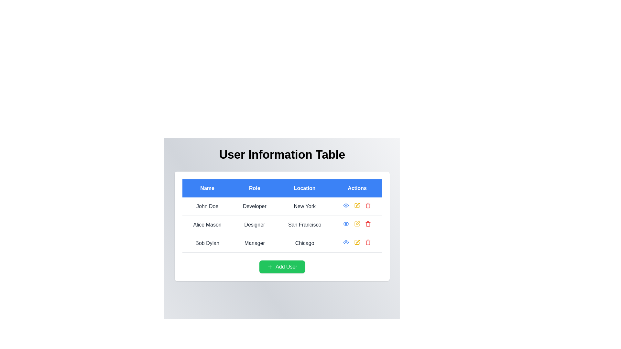 The image size is (621, 349). Describe the element at coordinates (368, 206) in the screenshot. I see `the trash icon in the 'Actions' column of the table` at that location.